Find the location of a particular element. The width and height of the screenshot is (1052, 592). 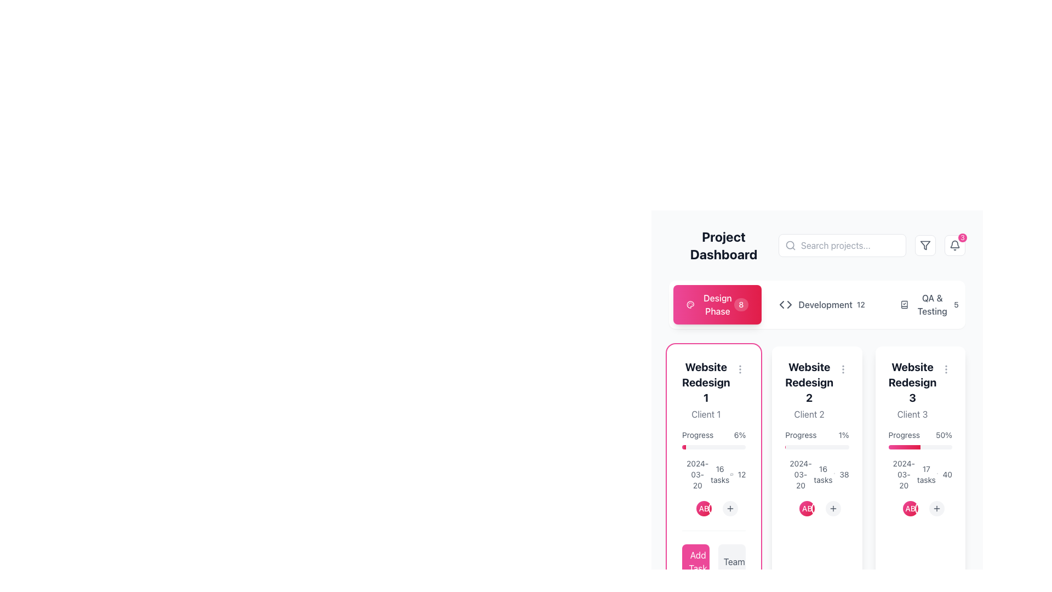

the Avatar or profile indicator located at the bottom-left corner of the 'Website Redesign 1' card is located at coordinates (690, 509).